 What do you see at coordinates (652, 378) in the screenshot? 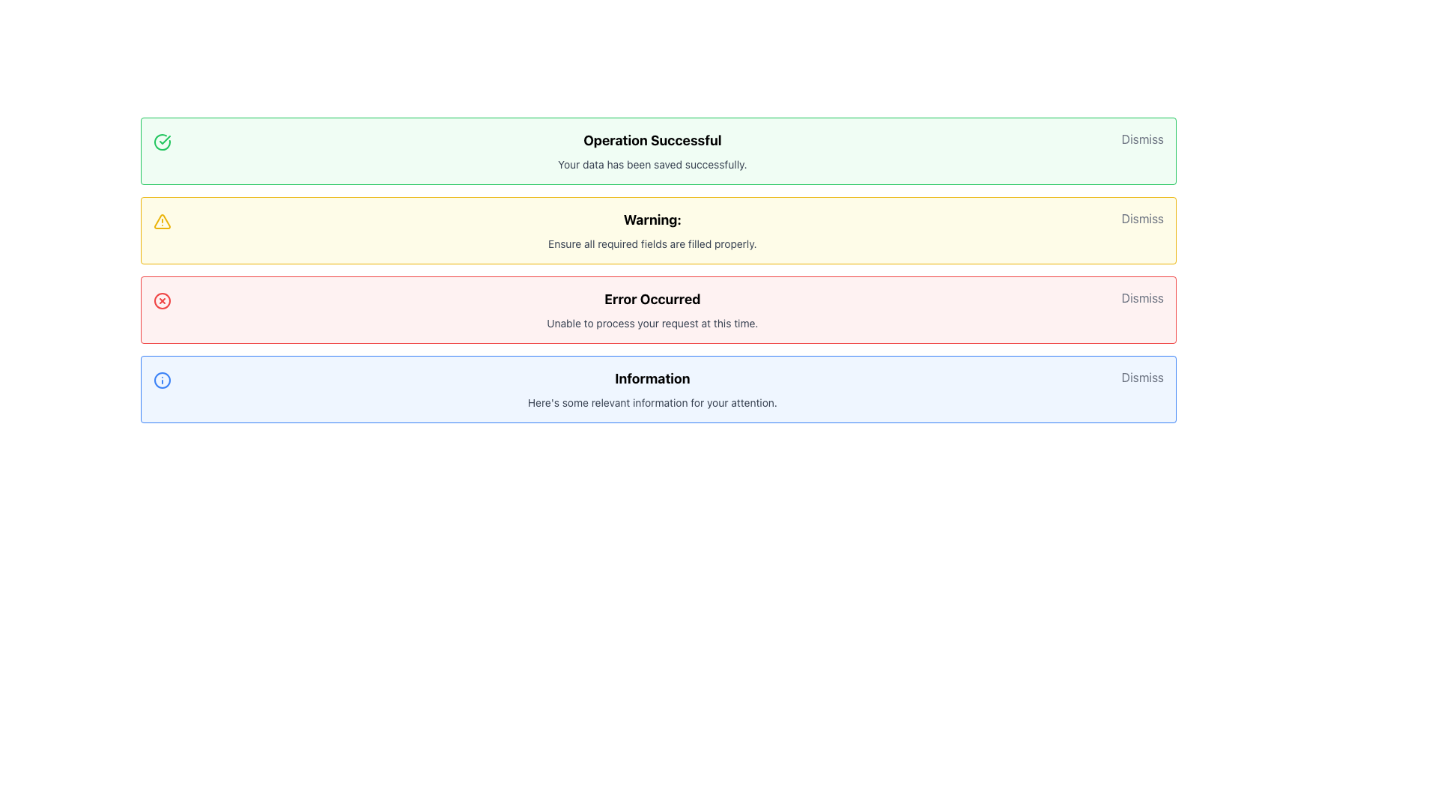
I see `the Text Label that serves as the title or heading of the information message box, located at the top of the bottom information box` at bounding box center [652, 378].